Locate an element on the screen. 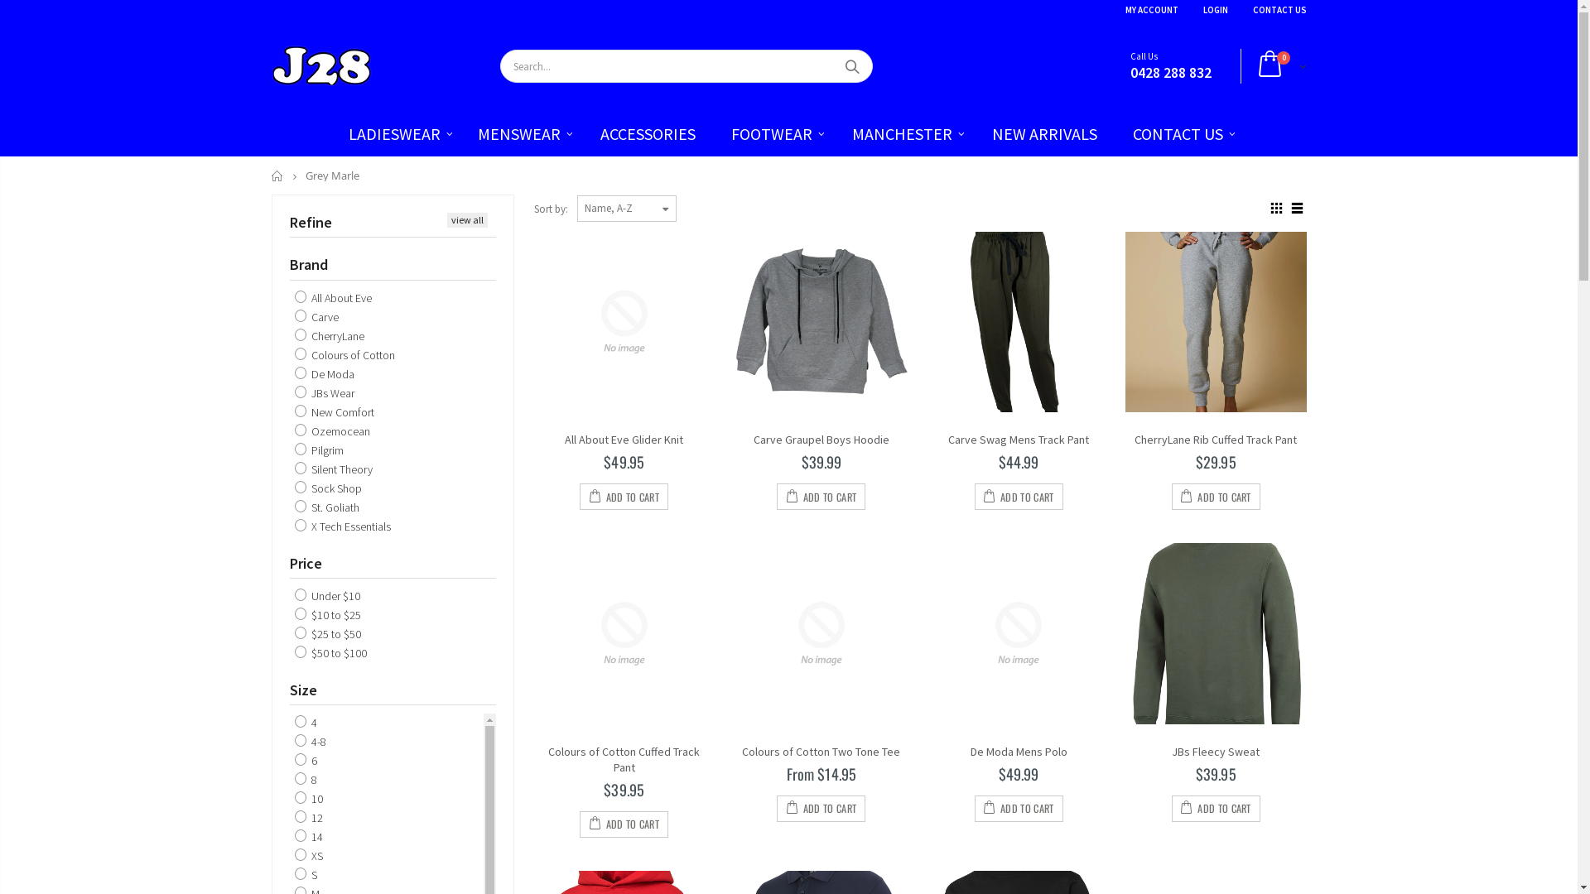 The image size is (1590, 894). 'Under $10' is located at coordinates (327, 596).